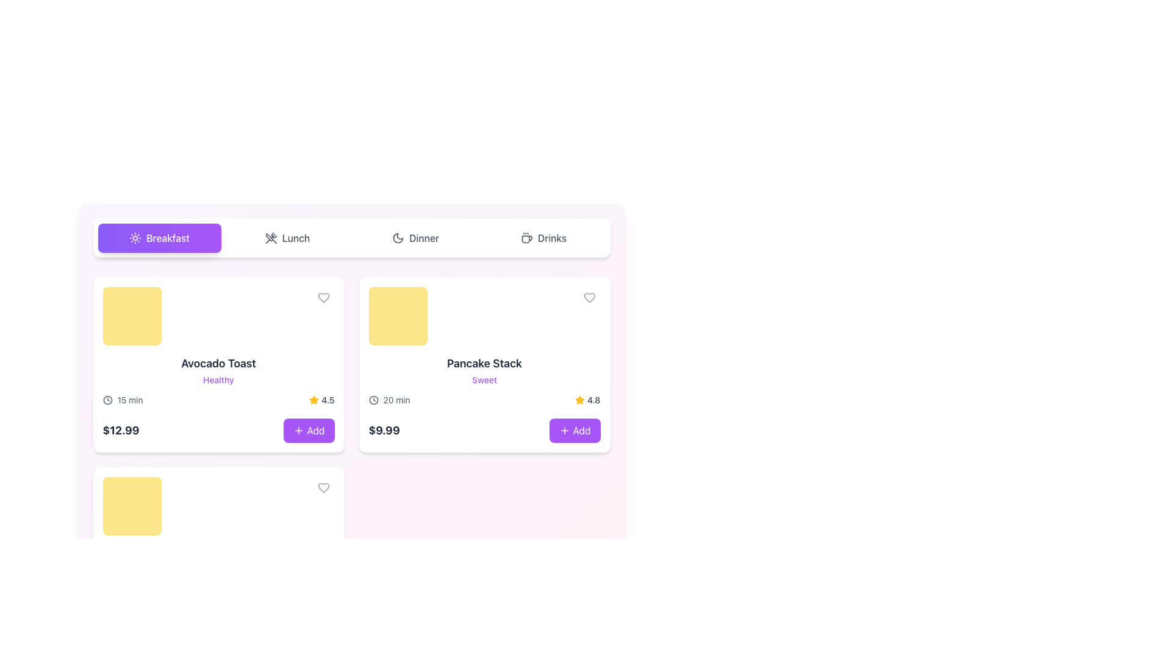  I want to click on the drinks category icon located at the top section of the interface, left of the 'Drinks' label text, so click(526, 238).